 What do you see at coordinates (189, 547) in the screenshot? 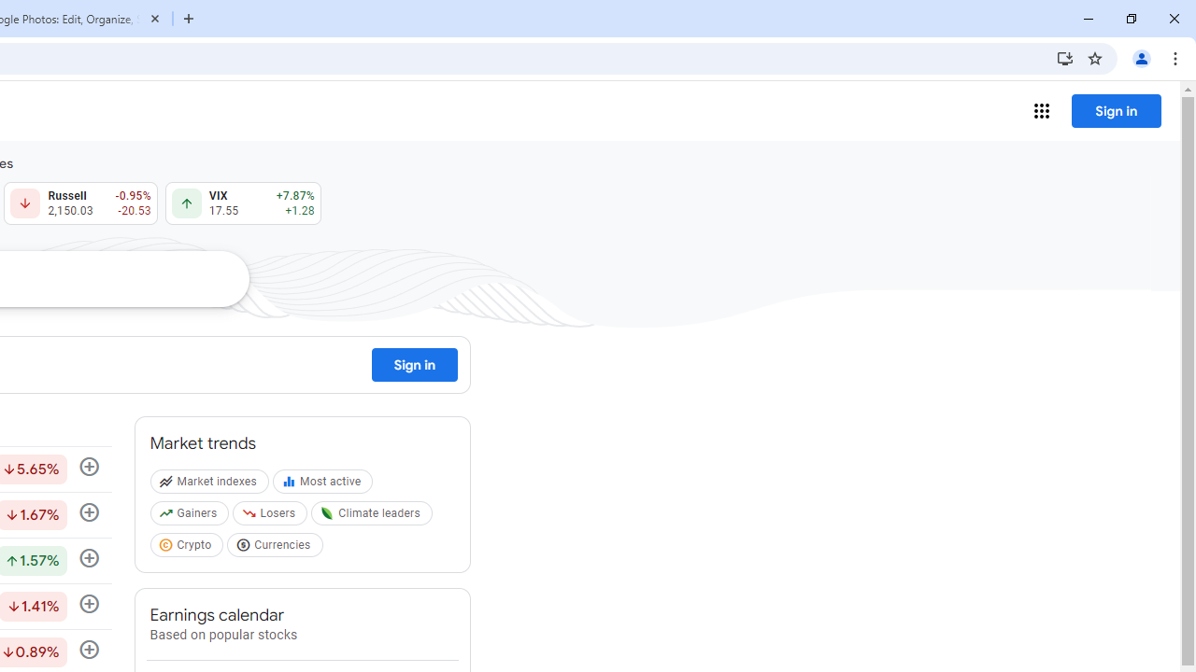
I see `'Crypto'` at bounding box center [189, 547].